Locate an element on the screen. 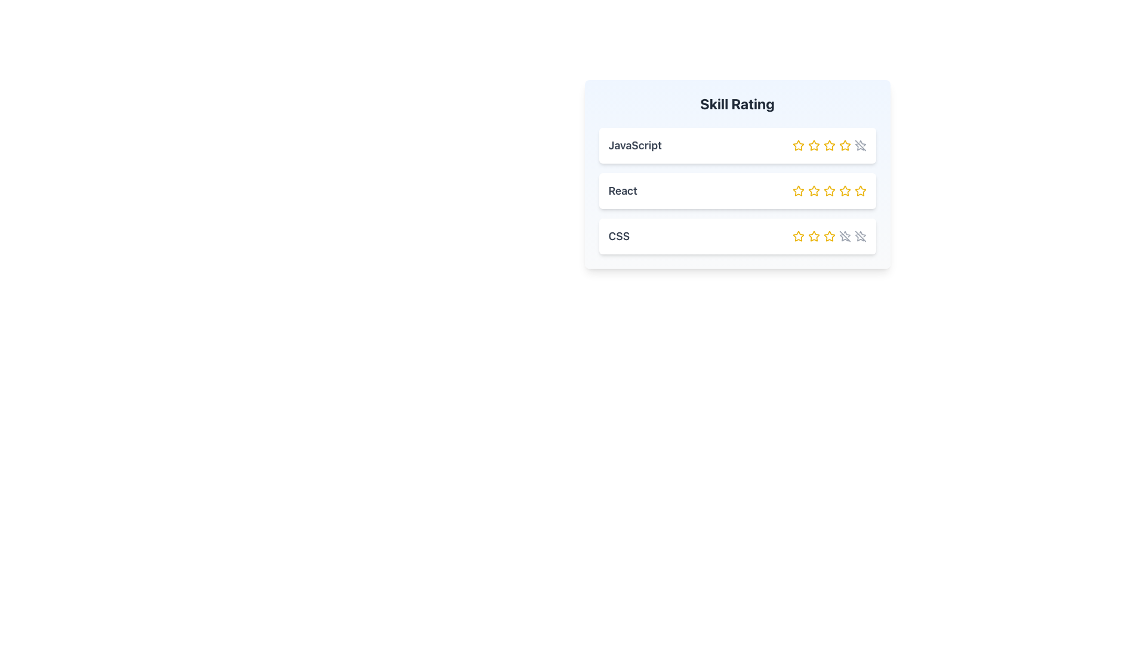 The height and width of the screenshot is (645, 1146). the second part of the star icon representing the first rating star for the 'JavaScript' skill in the top rating row of the skill rating section is located at coordinates (862, 143).